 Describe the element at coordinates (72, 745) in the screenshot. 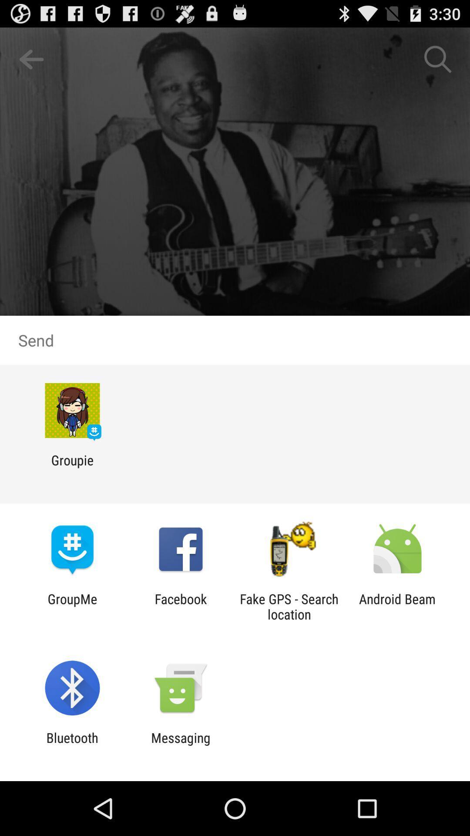

I see `app to the left of messaging item` at that location.